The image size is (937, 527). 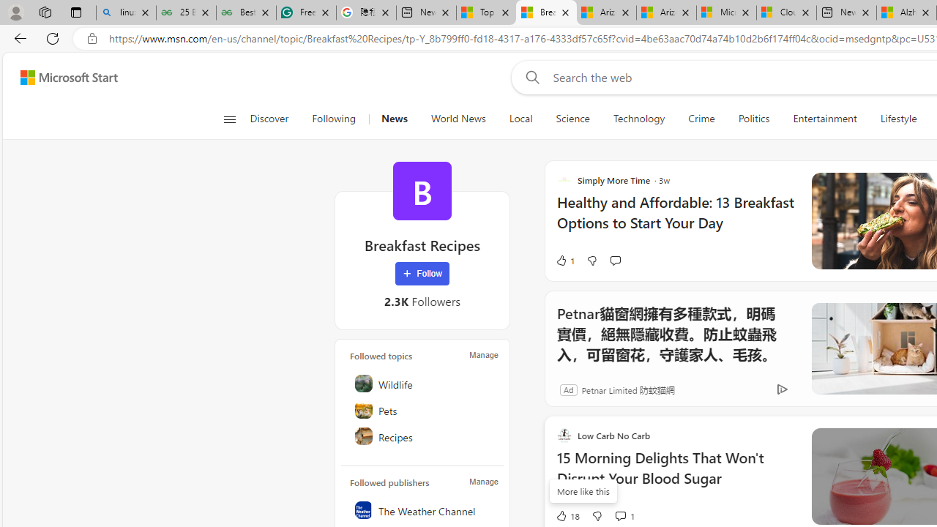 What do you see at coordinates (545, 12) in the screenshot?
I see `'Breakfast Recipes - MSN'` at bounding box center [545, 12].